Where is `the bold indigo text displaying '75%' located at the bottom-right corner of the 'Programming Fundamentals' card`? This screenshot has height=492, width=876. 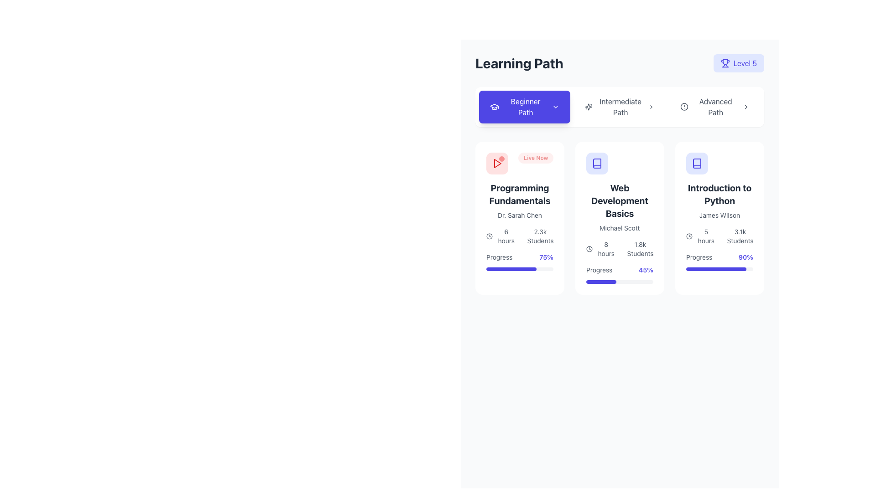
the bold indigo text displaying '75%' located at the bottom-right corner of the 'Programming Fundamentals' card is located at coordinates (546, 257).